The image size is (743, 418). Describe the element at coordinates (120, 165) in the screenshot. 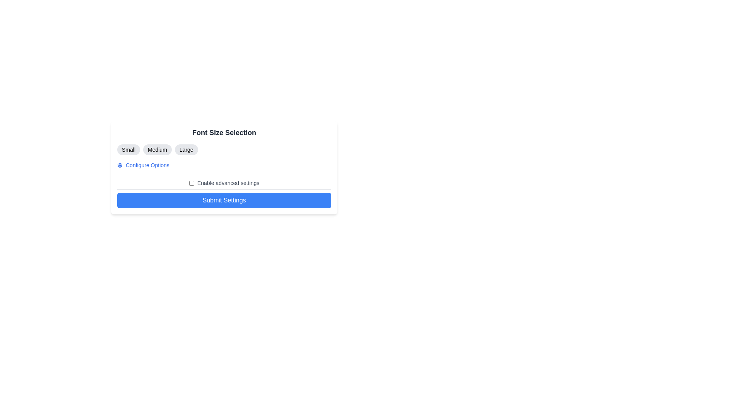

I see `the settings icon located at the leftmost position of the 'Configure Options' area` at that location.